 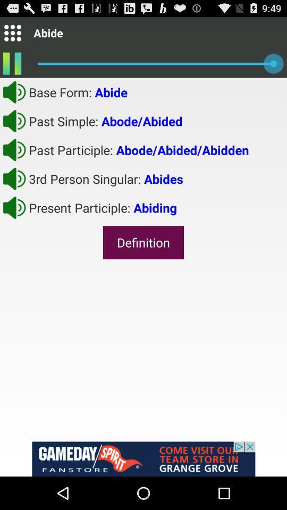 What do you see at coordinates (12, 67) in the screenshot?
I see `the pause icon` at bounding box center [12, 67].